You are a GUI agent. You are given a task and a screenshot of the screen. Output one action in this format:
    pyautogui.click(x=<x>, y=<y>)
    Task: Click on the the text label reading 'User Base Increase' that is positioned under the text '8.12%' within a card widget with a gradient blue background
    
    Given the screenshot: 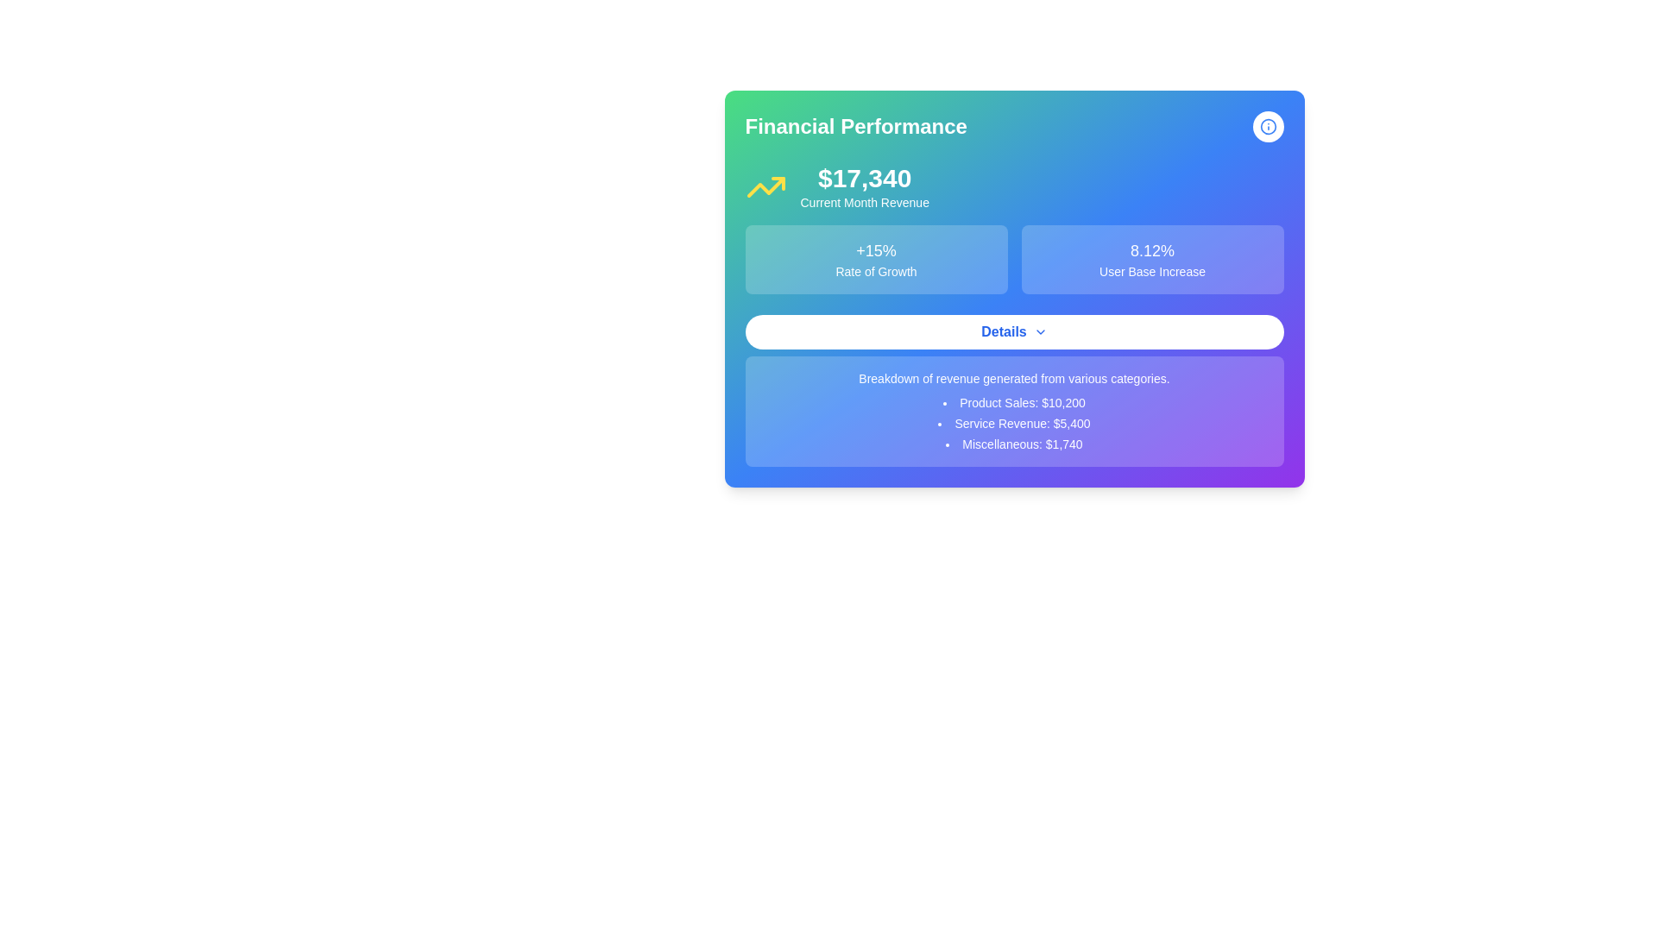 What is the action you would take?
    pyautogui.click(x=1152, y=272)
    